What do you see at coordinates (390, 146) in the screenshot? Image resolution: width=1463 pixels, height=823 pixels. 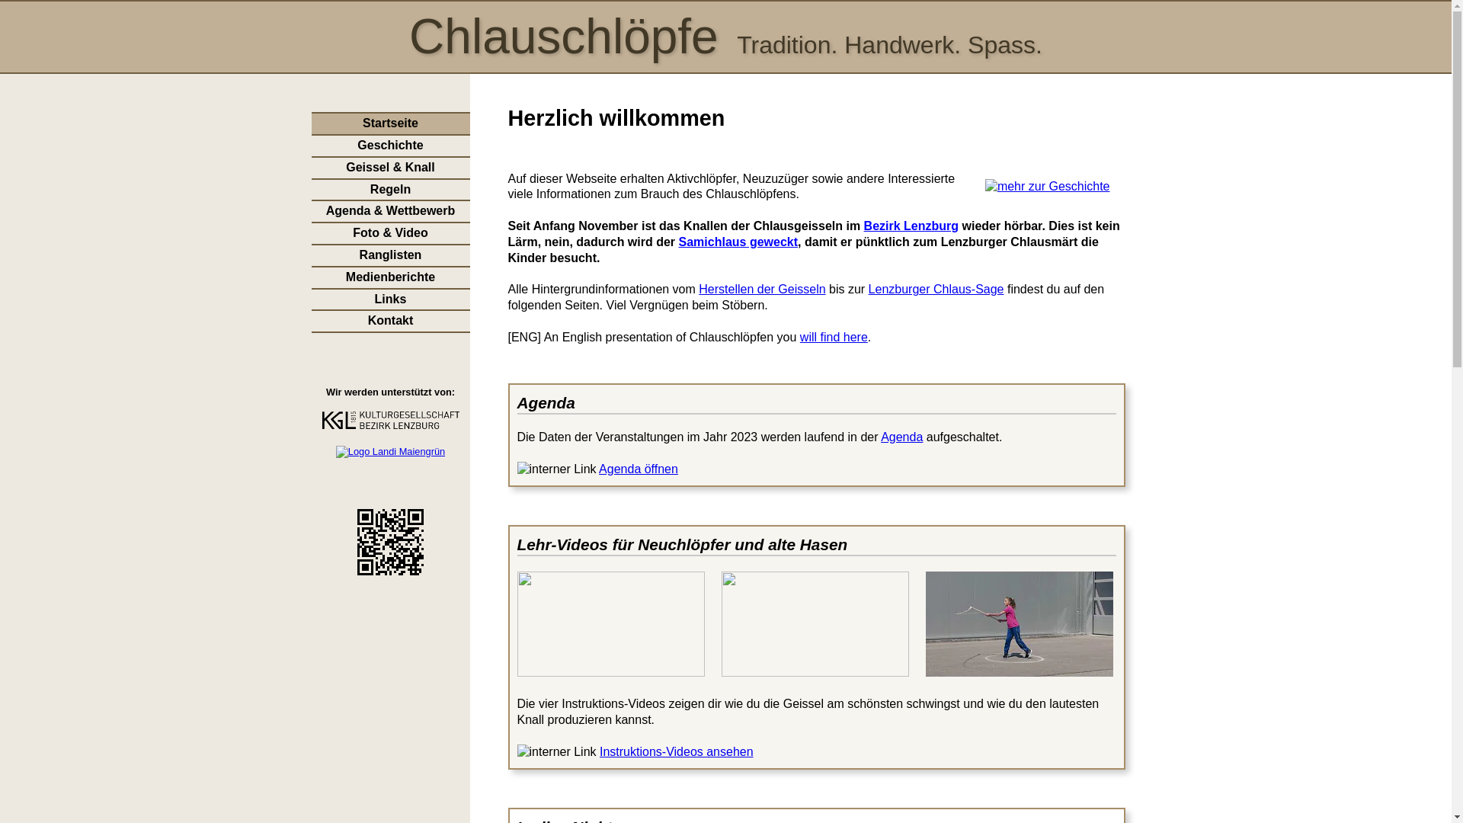 I see `'Geschichte'` at bounding box center [390, 146].